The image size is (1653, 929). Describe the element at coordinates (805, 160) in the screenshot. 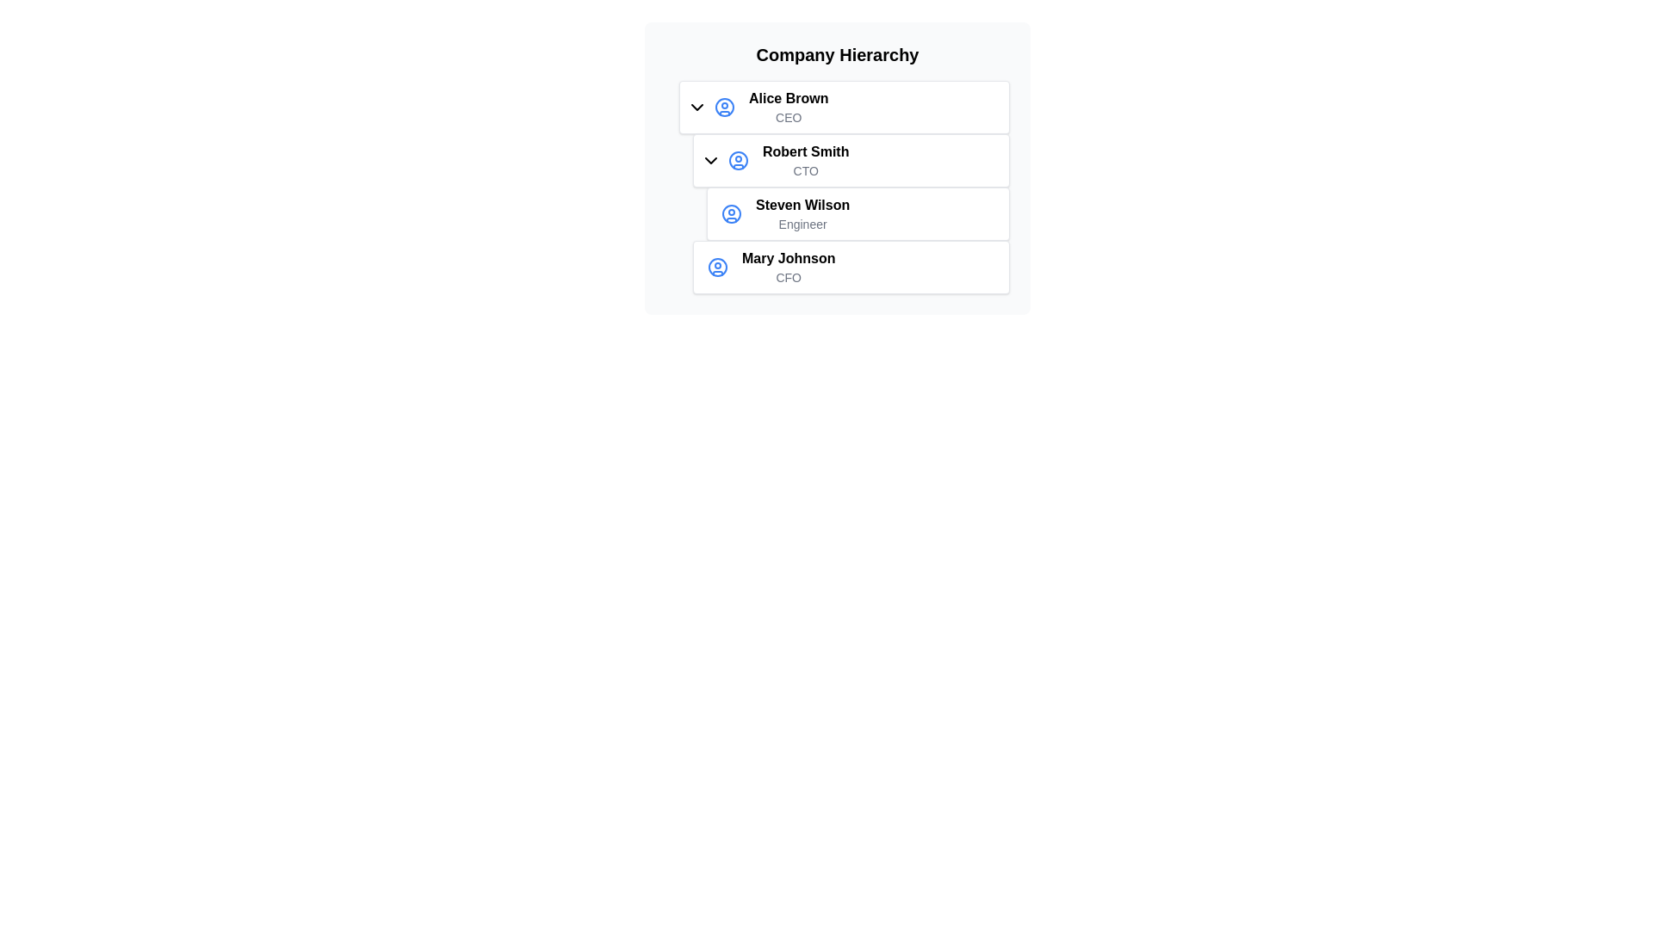

I see `the textual display showing 'Robert Smith' with the title 'CTO' in the company hierarchy list` at that location.